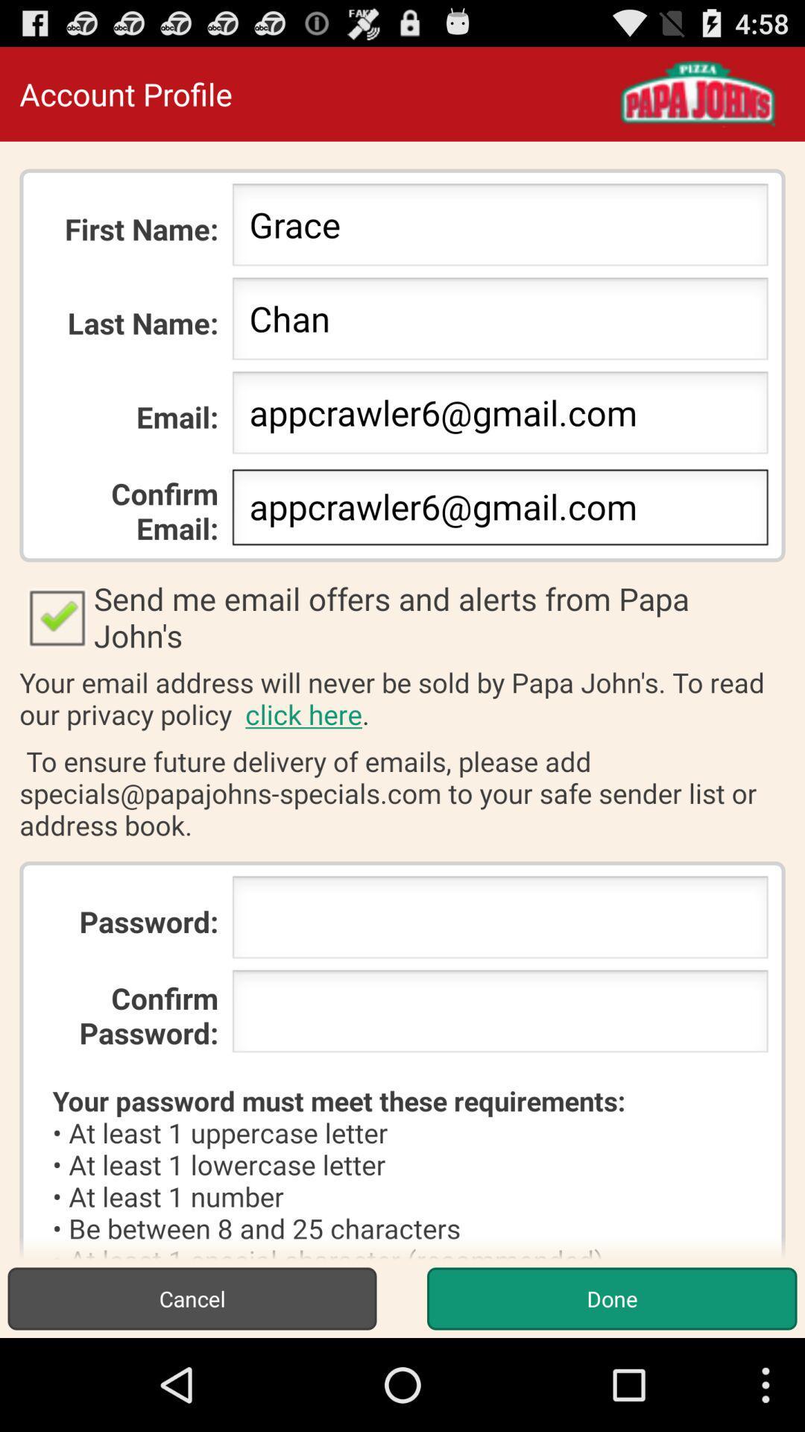  Describe the element at coordinates (500, 921) in the screenshot. I see `password creating option` at that location.